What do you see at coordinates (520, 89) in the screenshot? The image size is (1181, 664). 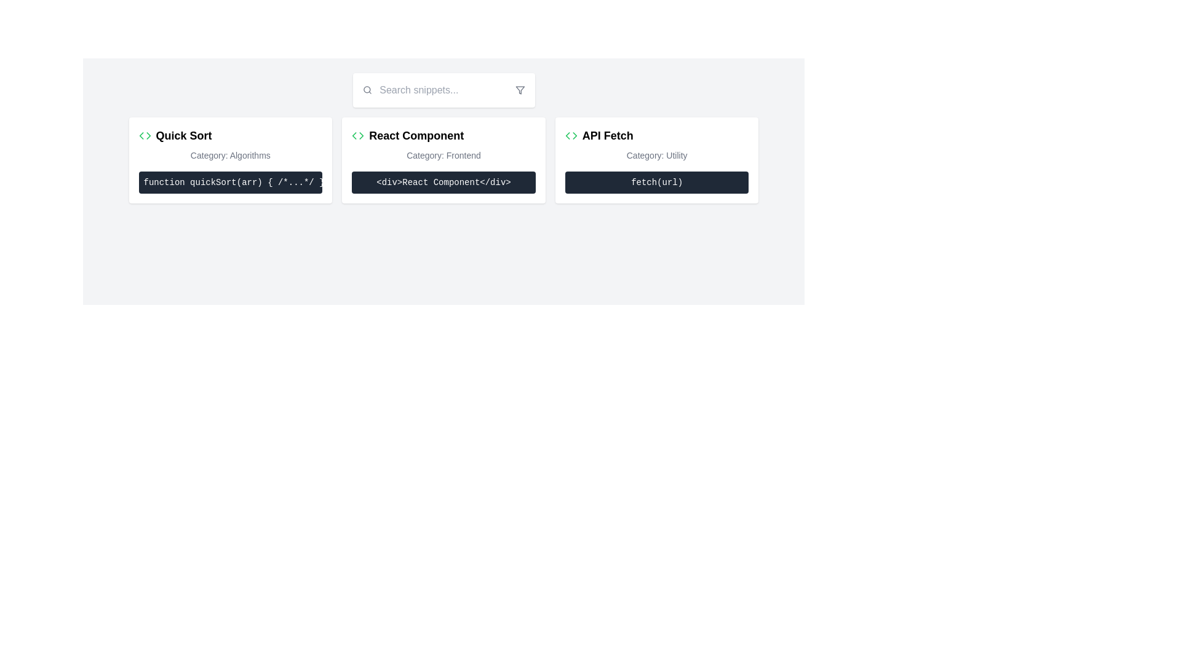 I see `the Icon (filter) located to the right of the 'Search snippets...' text input field` at bounding box center [520, 89].